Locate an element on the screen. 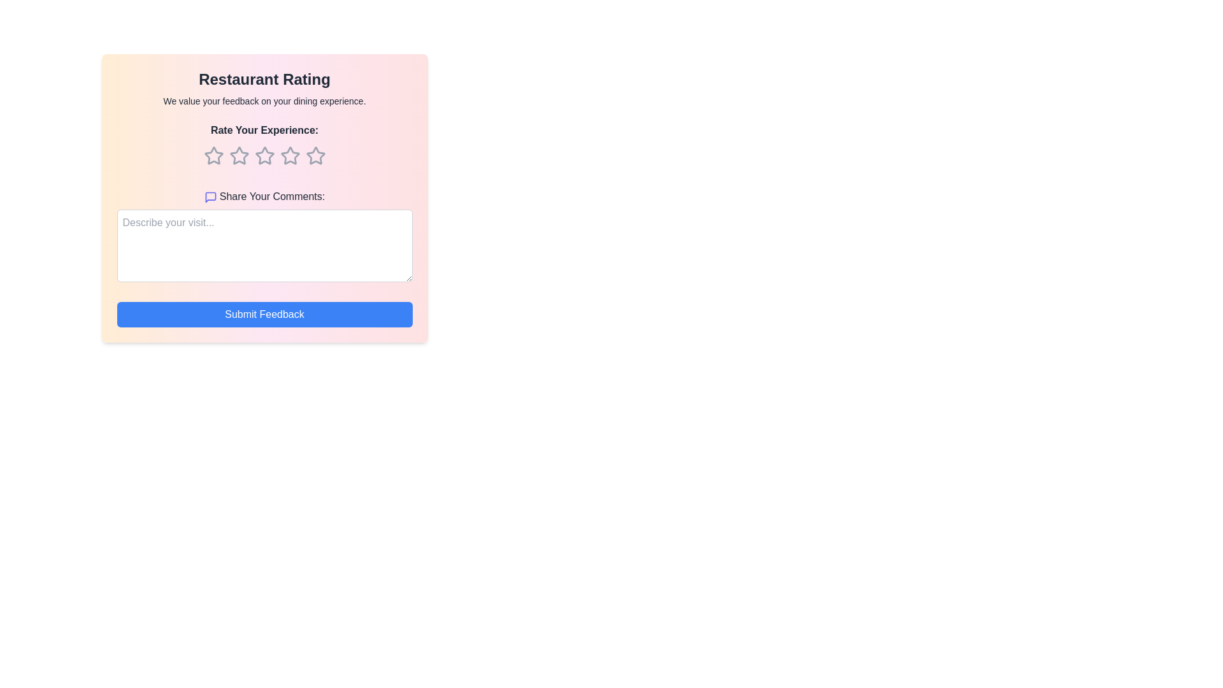 The height and width of the screenshot is (688, 1223). the icon located to the left of the 'Share Your Comments:' text label in the feedback form interface is located at coordinates (210, 197).